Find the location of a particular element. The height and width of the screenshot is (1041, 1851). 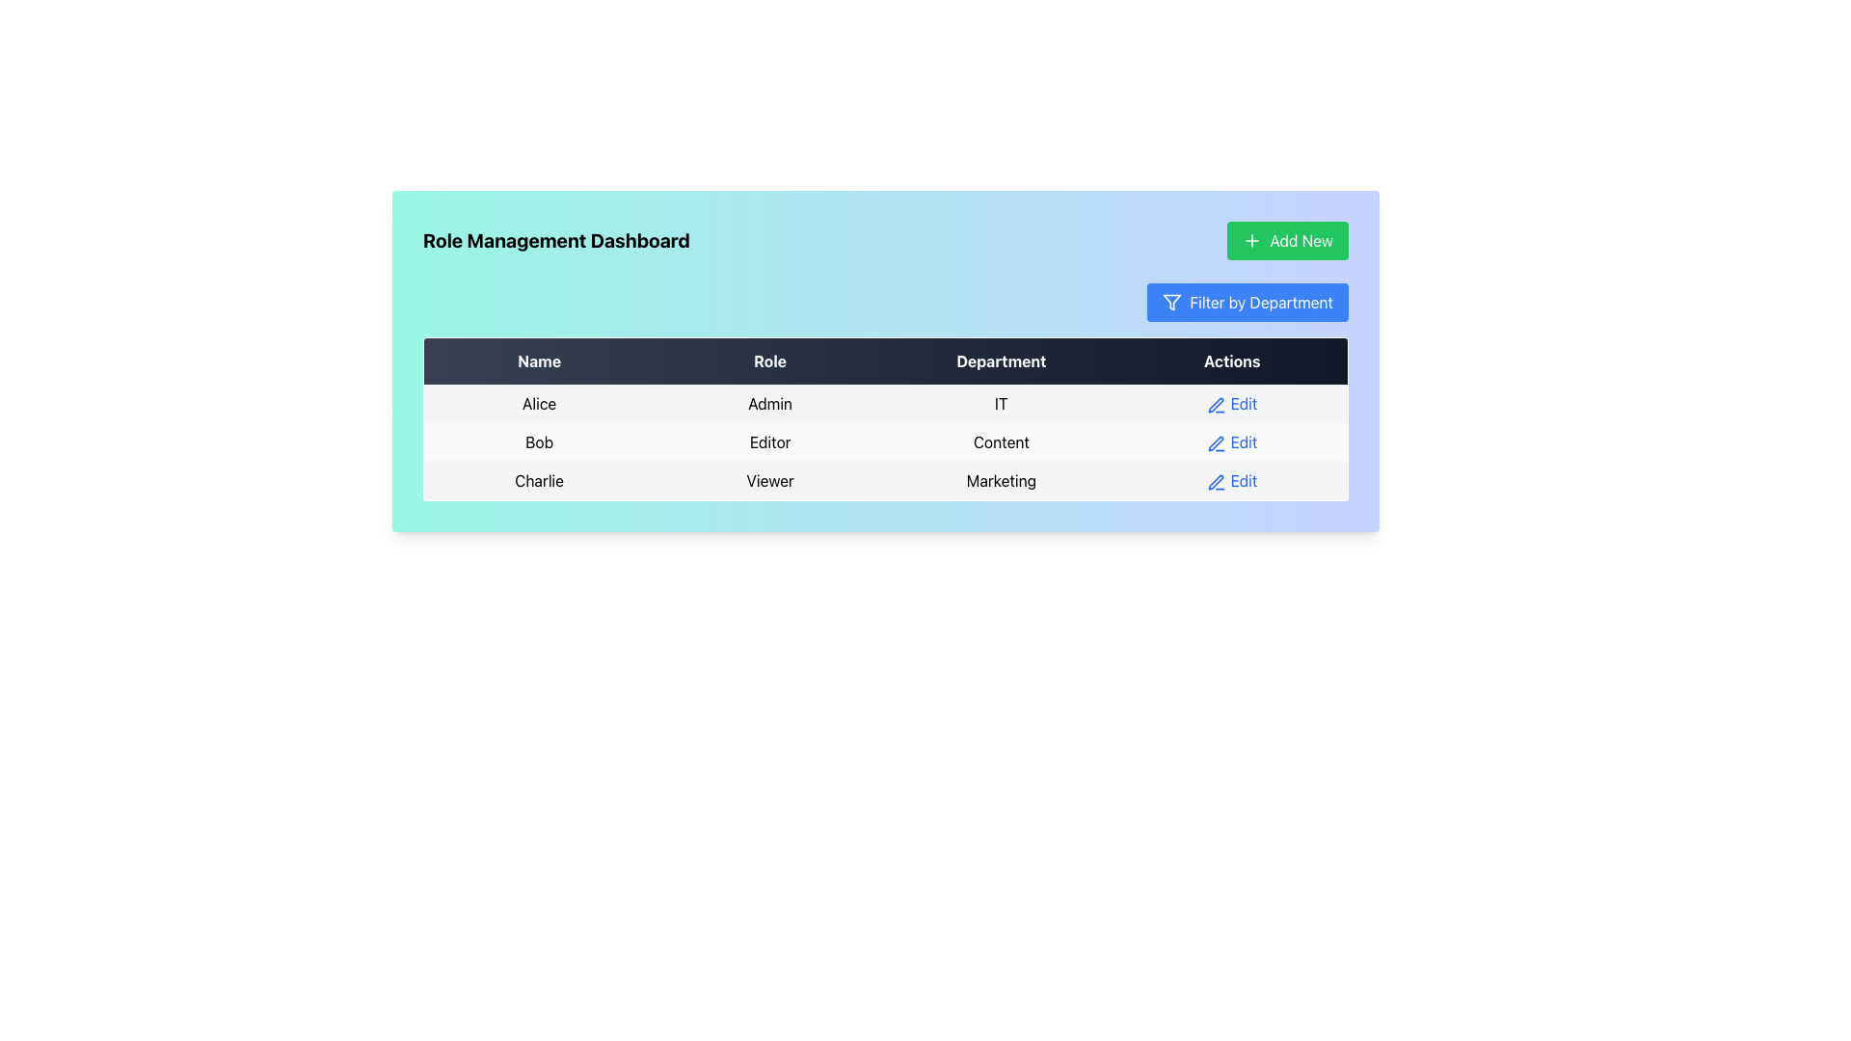

the button located in the top-right corner of the 'Role Management Dashboard' interface is located at coordinates (1288, 240).